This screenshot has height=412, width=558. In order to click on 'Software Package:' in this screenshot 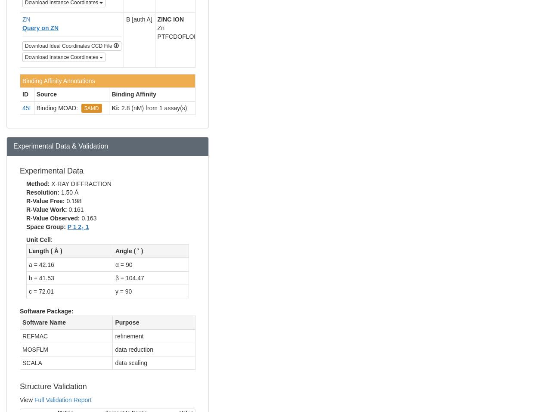, I will do `click(46, 311)`.